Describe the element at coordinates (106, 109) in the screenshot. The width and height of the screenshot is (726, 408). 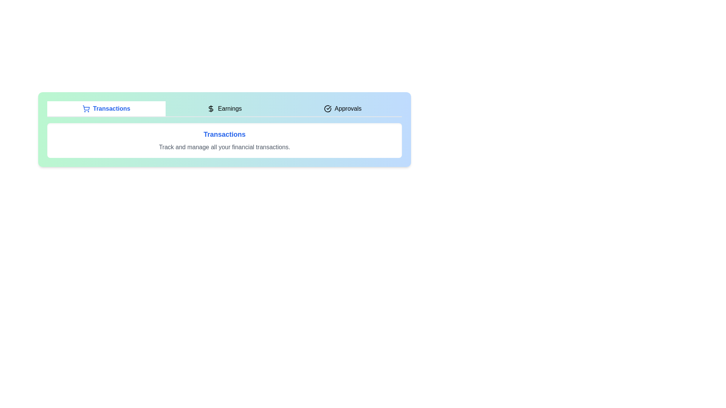
I see `the tab labeled Transactions to observe visual feedback` at that location.